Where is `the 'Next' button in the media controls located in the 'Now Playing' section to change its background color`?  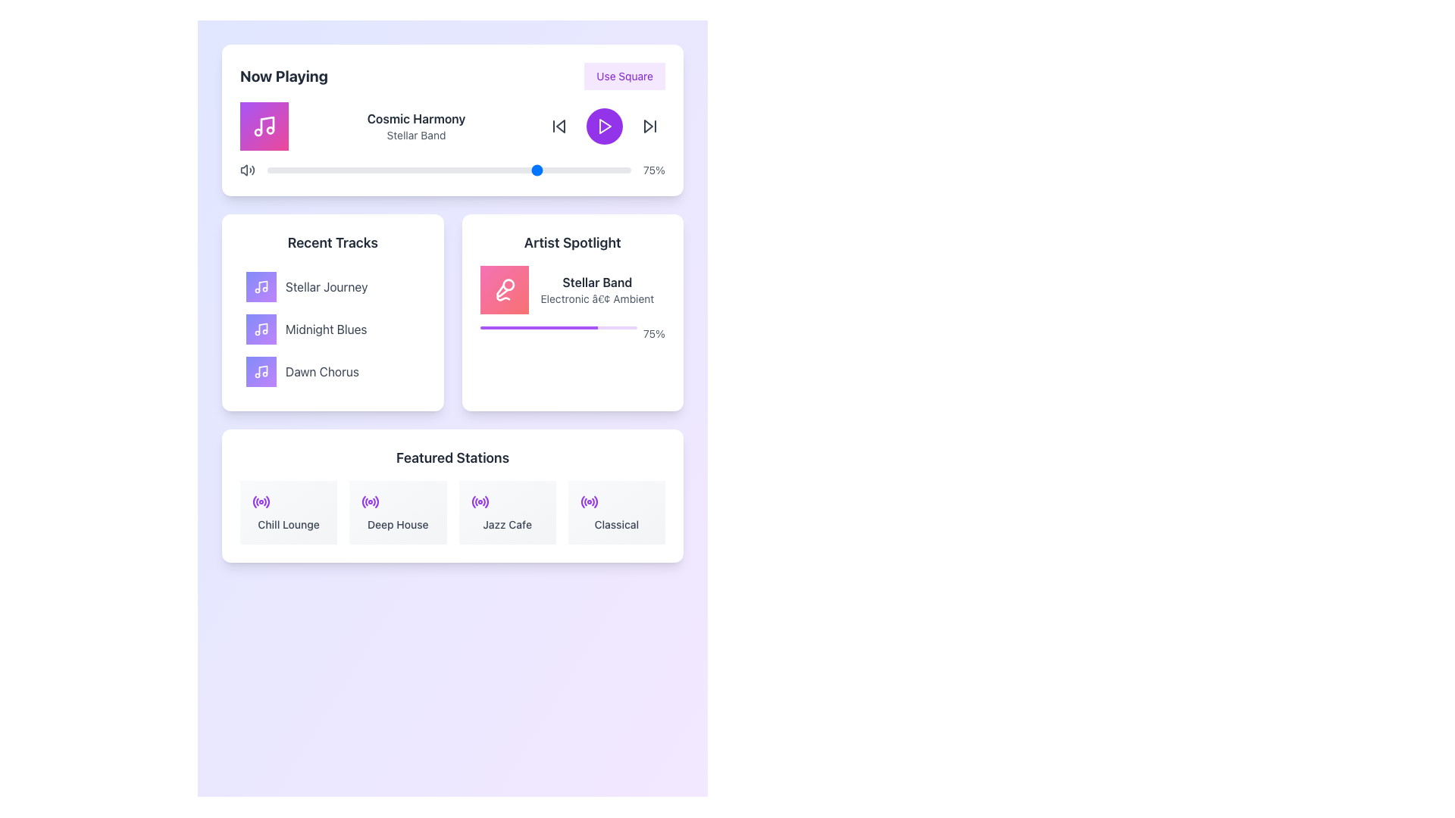 the 'Next' button in the media controls located in the 'Now Playing' section to change its background color is located at coordinates (650, 125).